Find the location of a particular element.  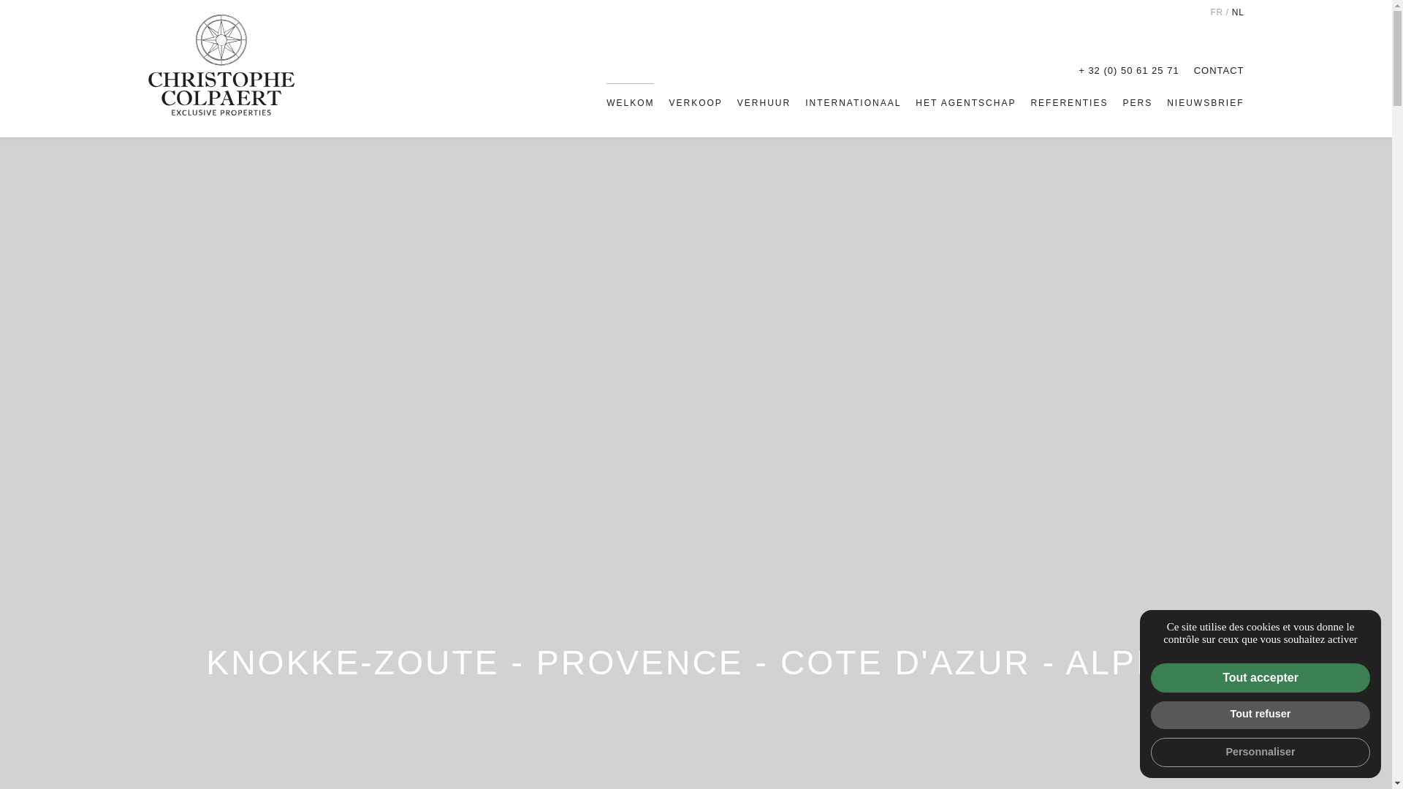

'PERS' is located at coordinates (1136, 102).